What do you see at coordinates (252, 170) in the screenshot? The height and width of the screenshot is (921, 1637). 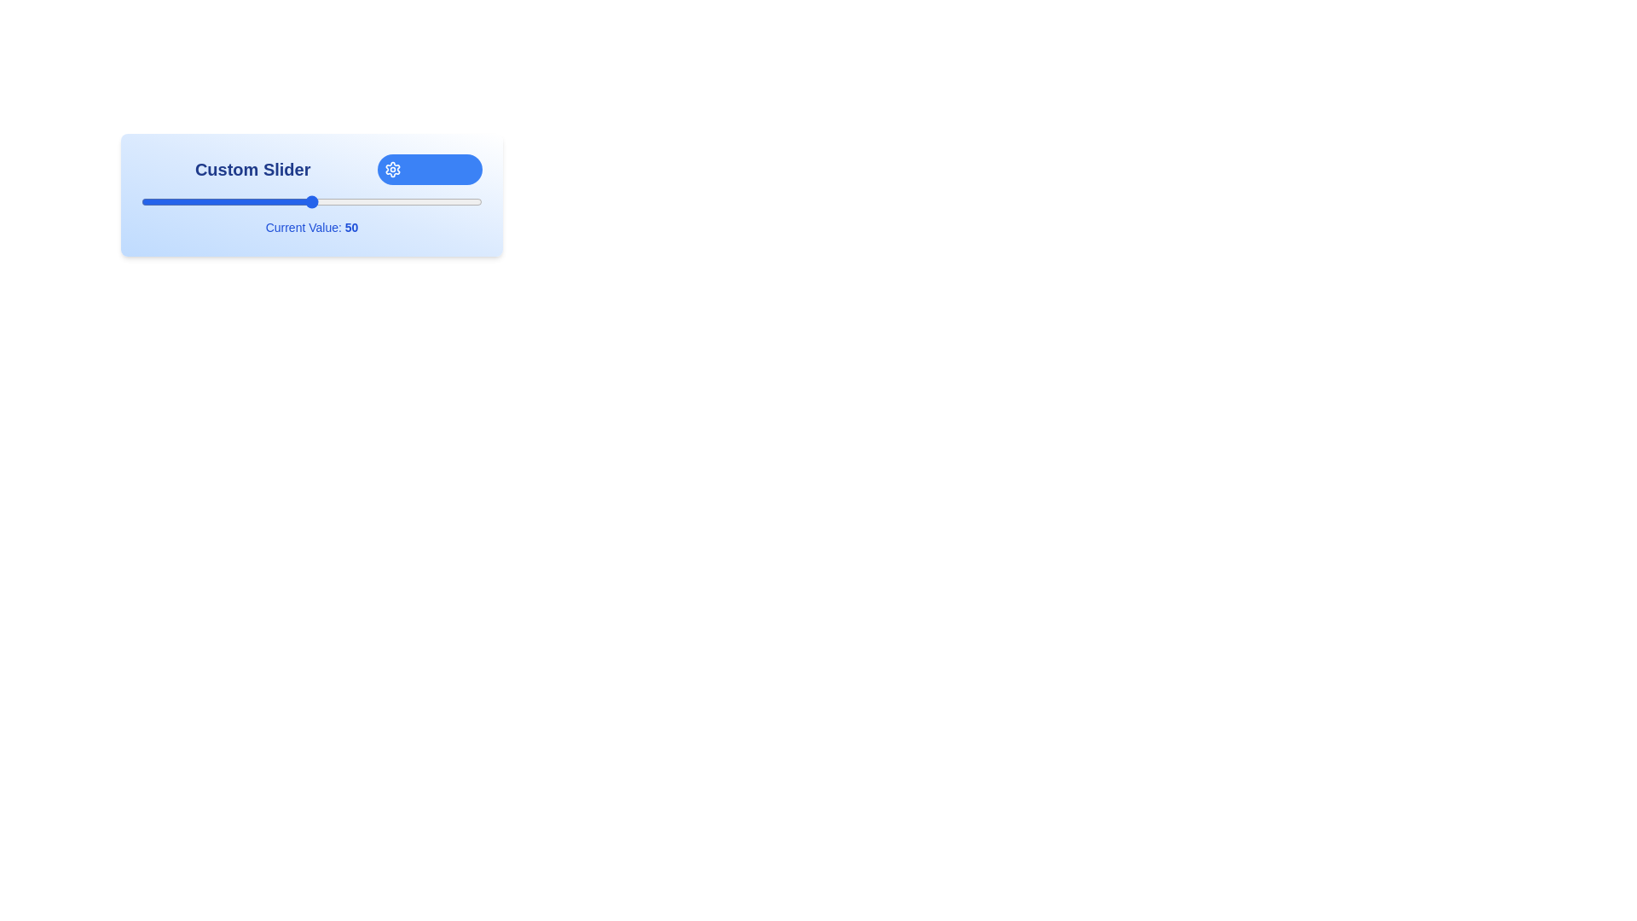 I see `the title label that indicates the purpose of the surrounding UI, located to the left of a circular button and a settings icon` at bounding box center [252, 170].